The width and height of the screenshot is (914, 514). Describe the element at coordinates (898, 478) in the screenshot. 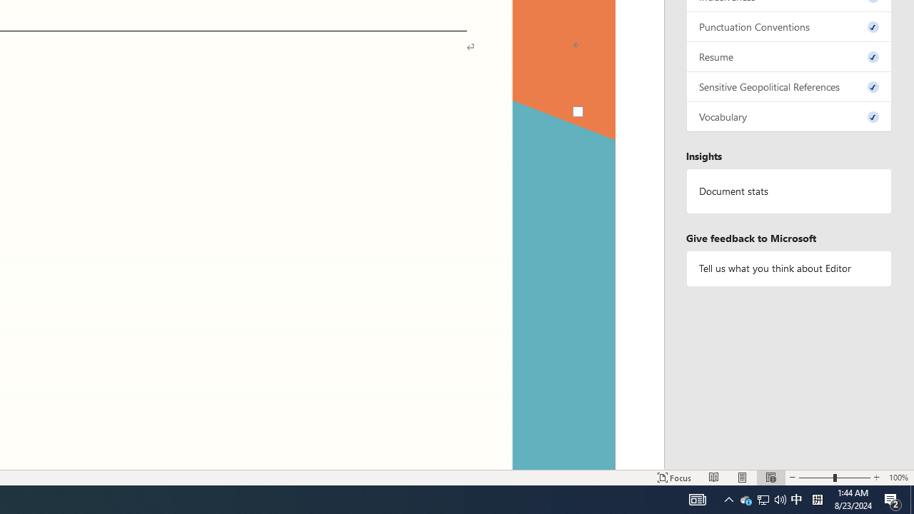

I see `'Zoom 100%'` at that location.